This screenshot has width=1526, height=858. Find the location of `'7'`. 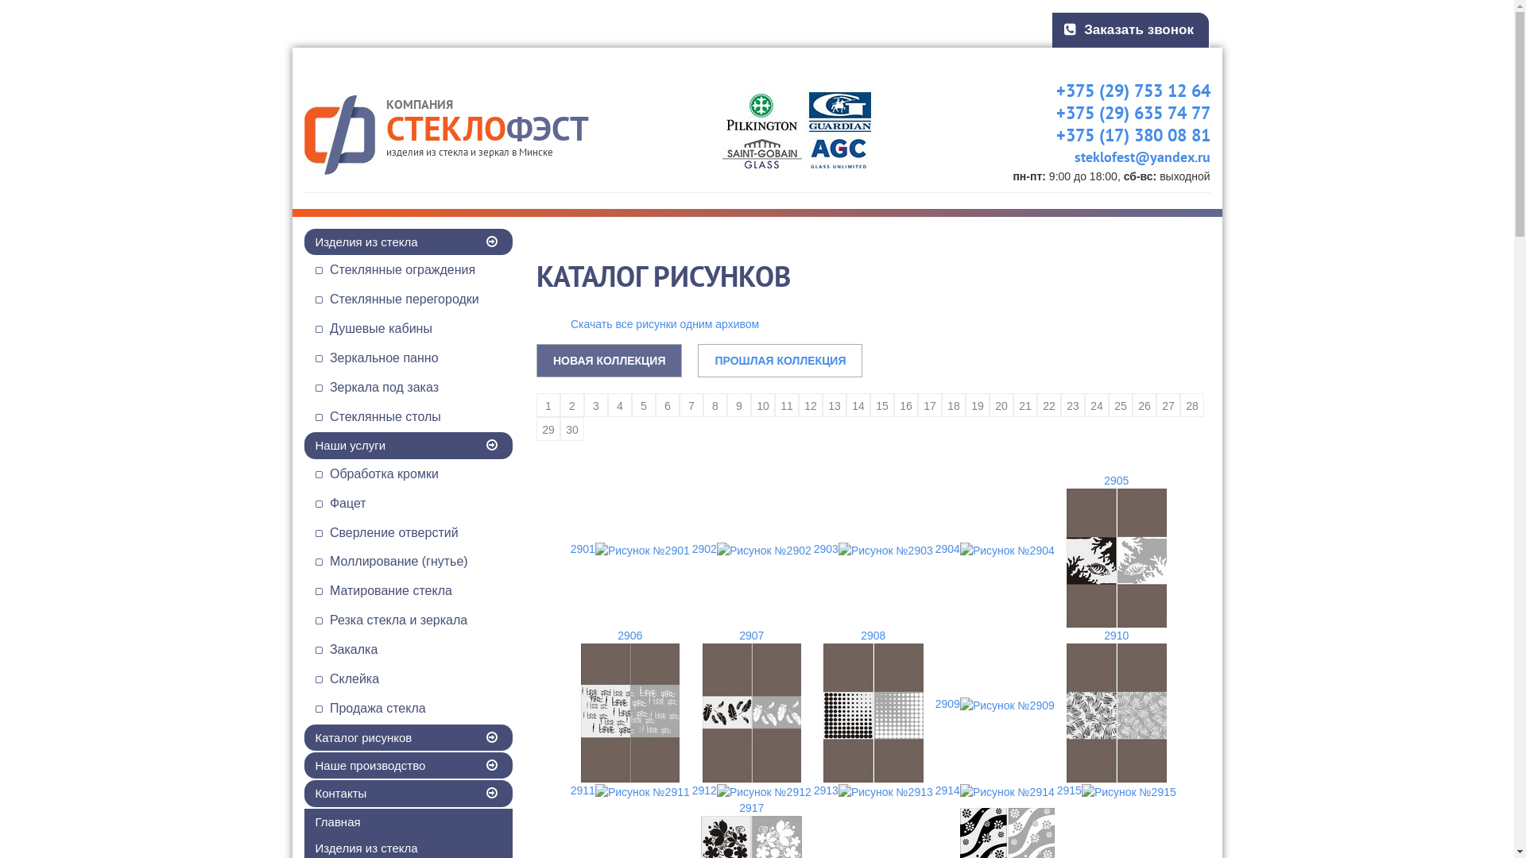

'7' is located at coordinates (691, 404).